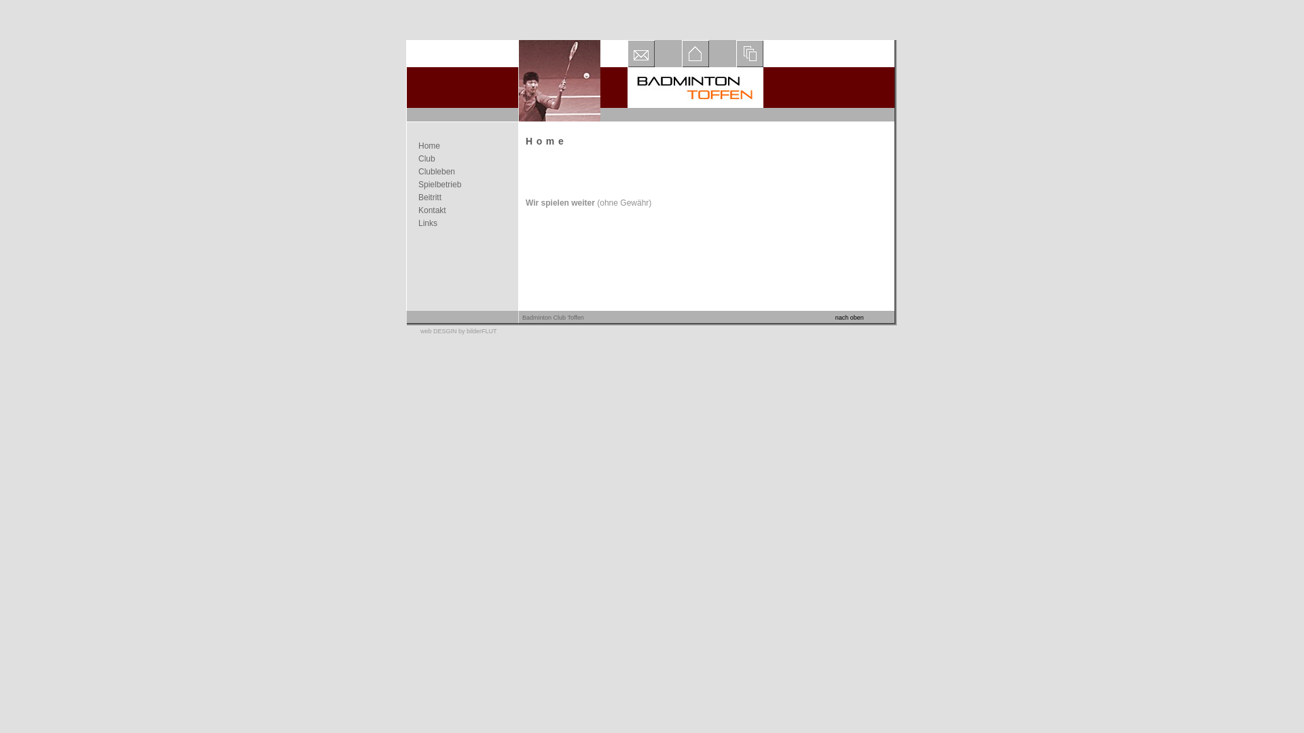 The height and width of the screenshot is (733, 1304). Describe the element at coordinates (849, 317) in the screenshot. I see `'nach oben'` at that location.